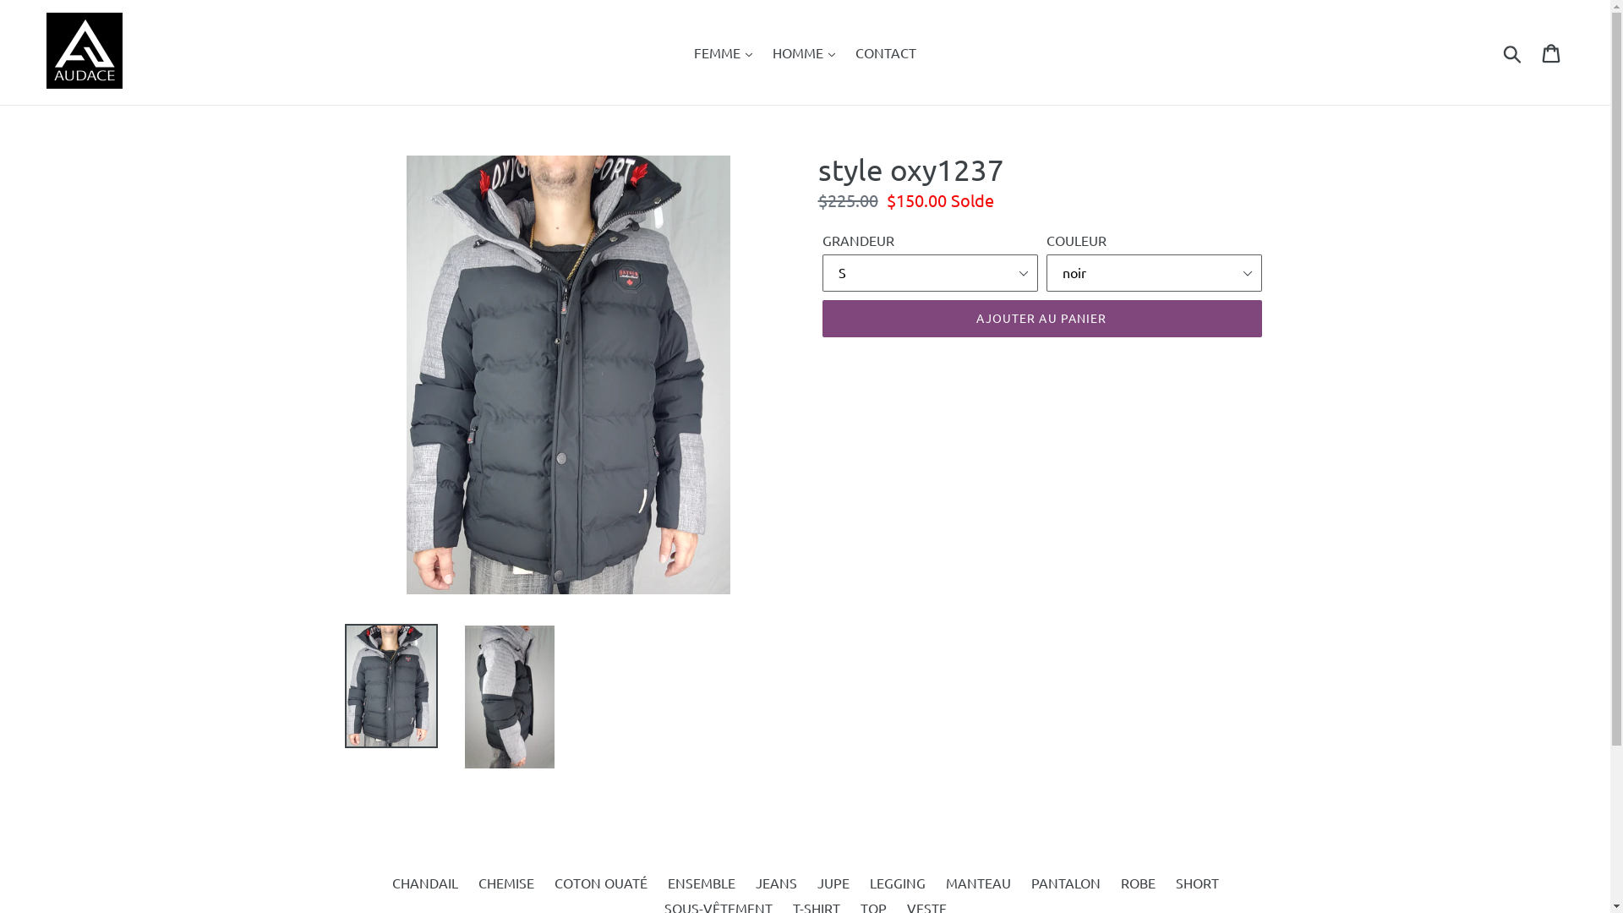  What do you see at coordinates (884, 51) in the screenshot?
I see `'CONTACT'` at bounding box center [884, 51].